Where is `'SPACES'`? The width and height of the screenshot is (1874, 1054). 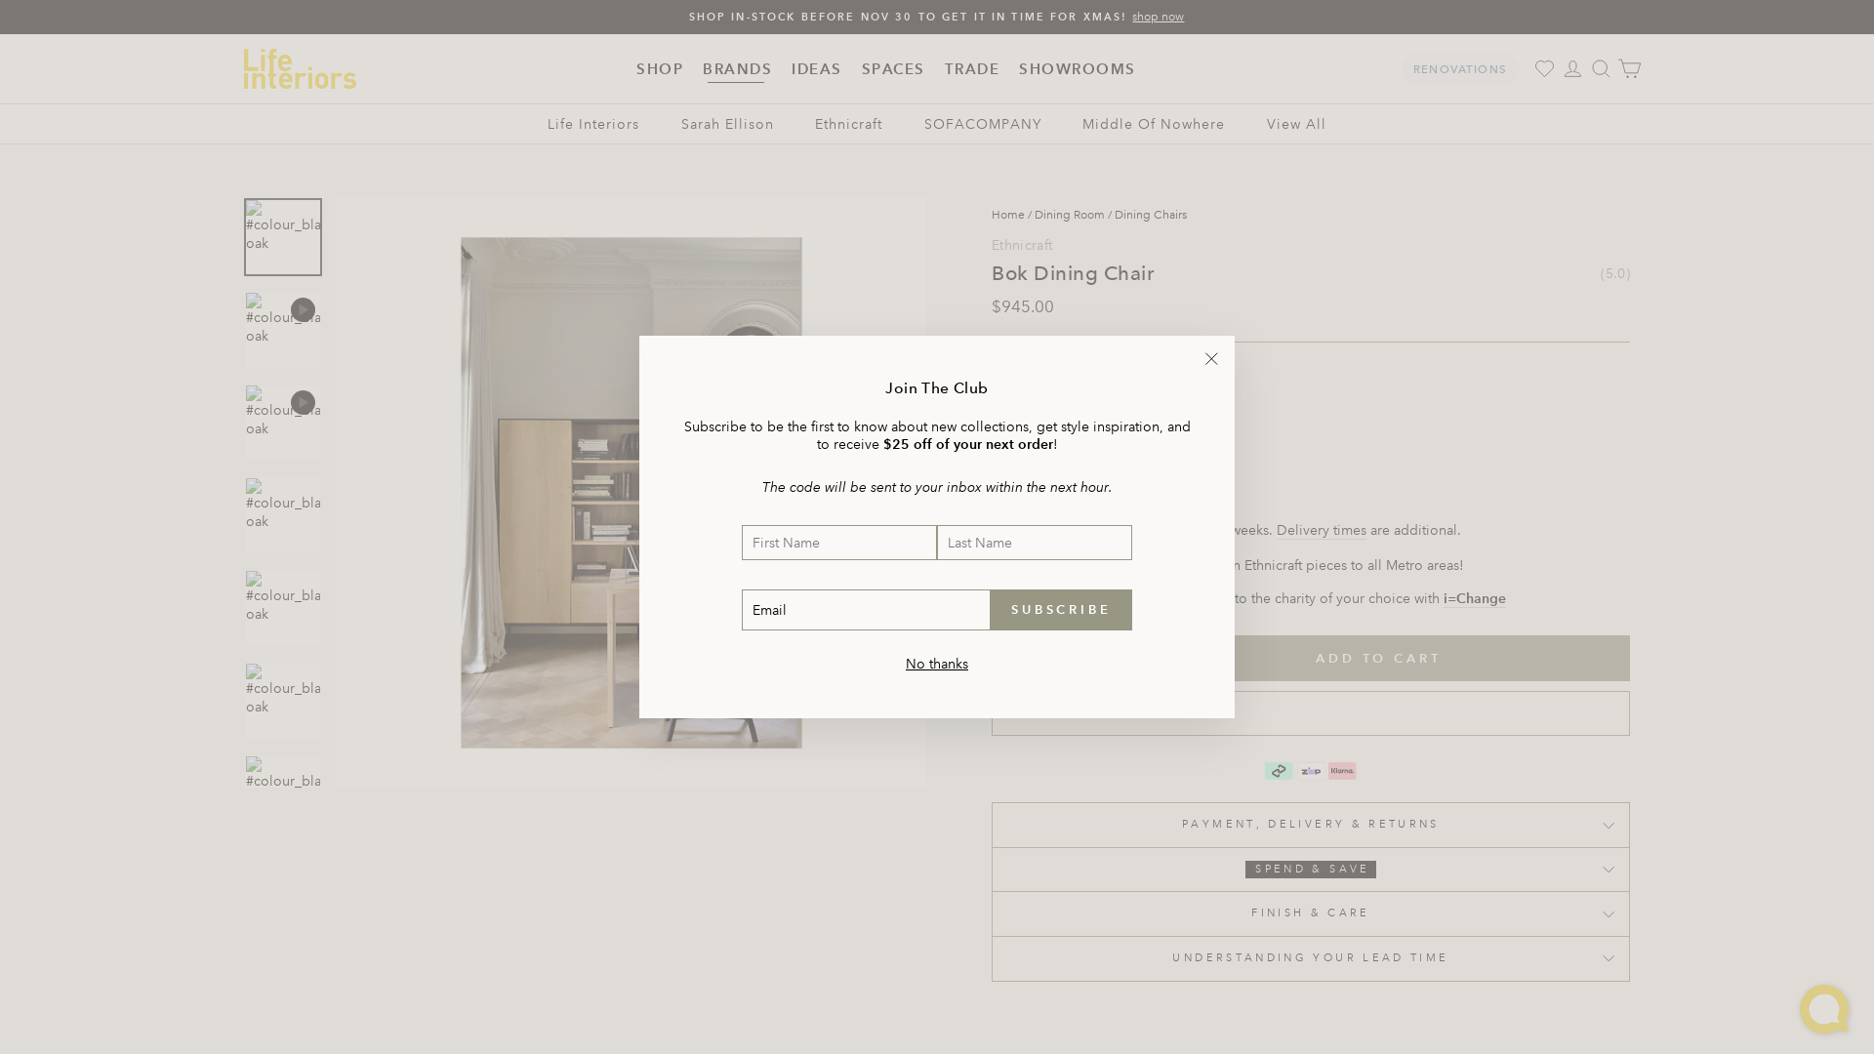 'SPACES' is located at coordinates (892, 67).